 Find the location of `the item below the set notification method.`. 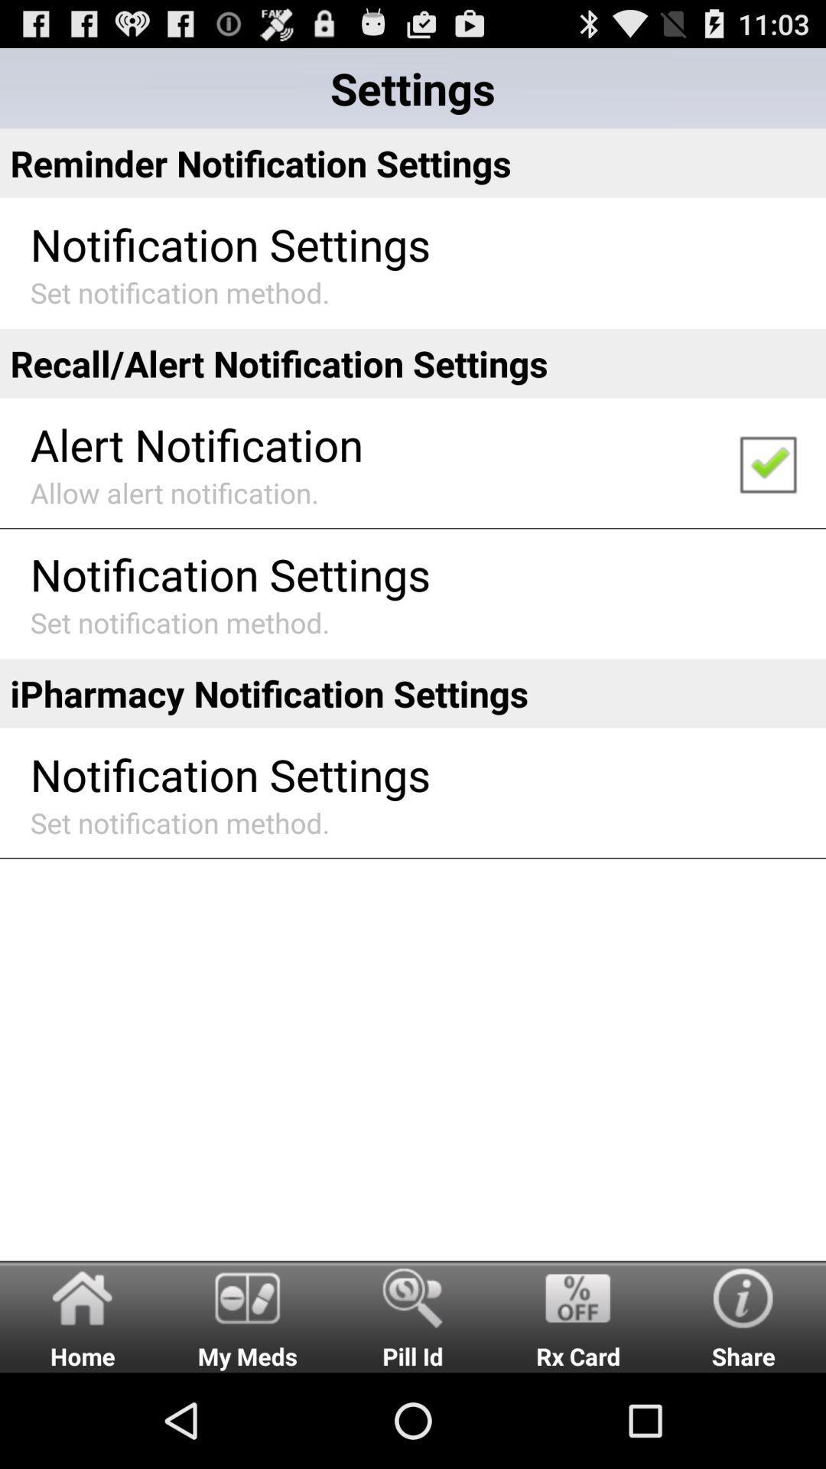

the item below the set notification method. is located at coordinates (413, 363).